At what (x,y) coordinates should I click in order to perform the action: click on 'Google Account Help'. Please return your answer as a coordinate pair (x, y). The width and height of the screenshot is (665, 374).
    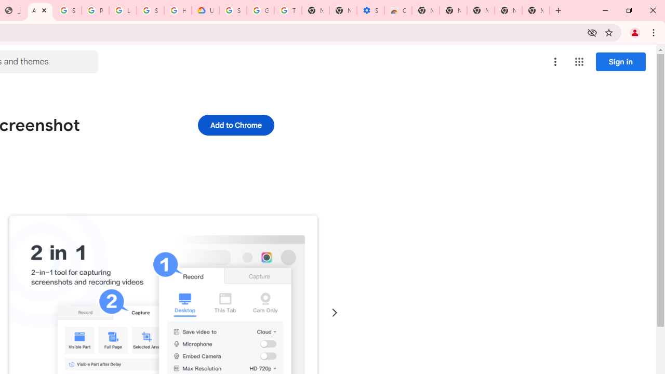
    Looking at the image, I should click on (260, 10).